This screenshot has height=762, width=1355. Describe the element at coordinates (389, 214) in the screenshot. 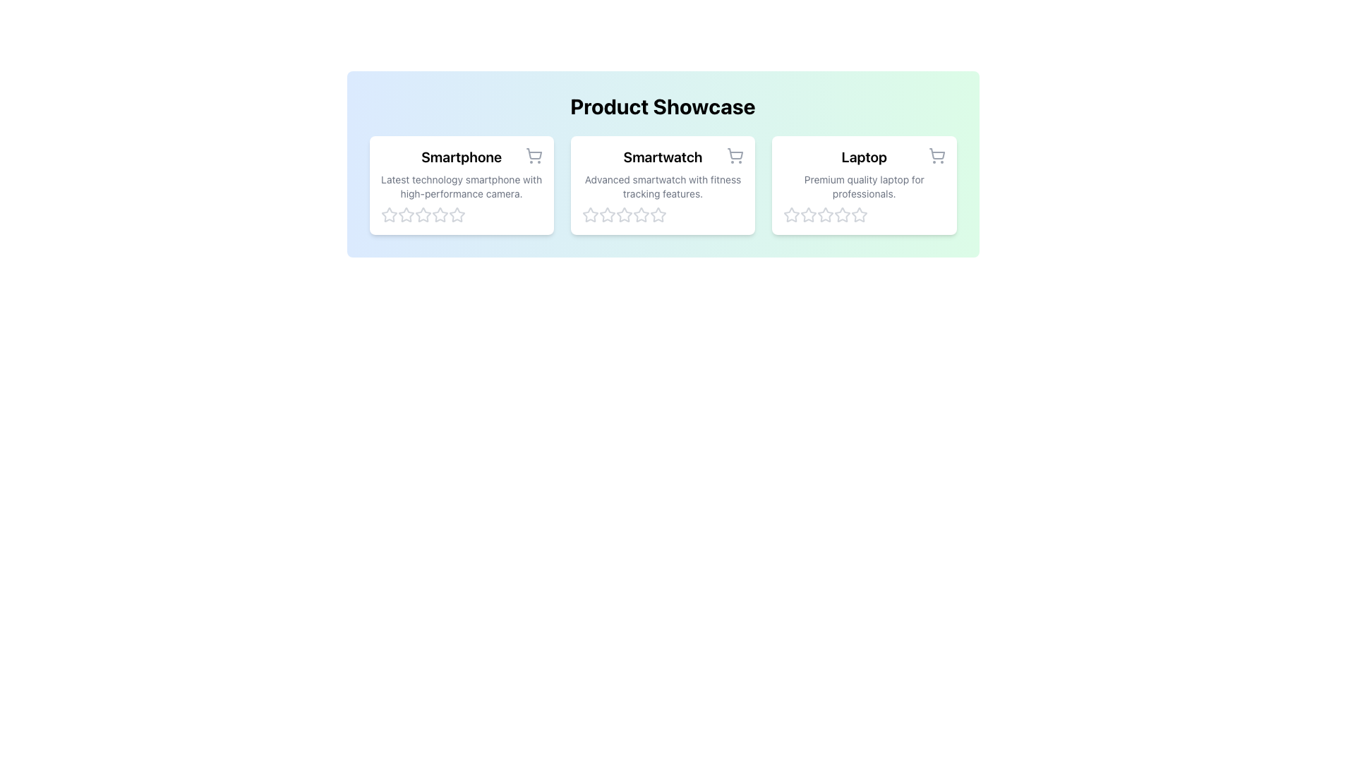

I see `on the first hollow star icon in the row of rating stars below the 'Smartphone' product card in the 'Product Showcase' section for additional actions` at that location.